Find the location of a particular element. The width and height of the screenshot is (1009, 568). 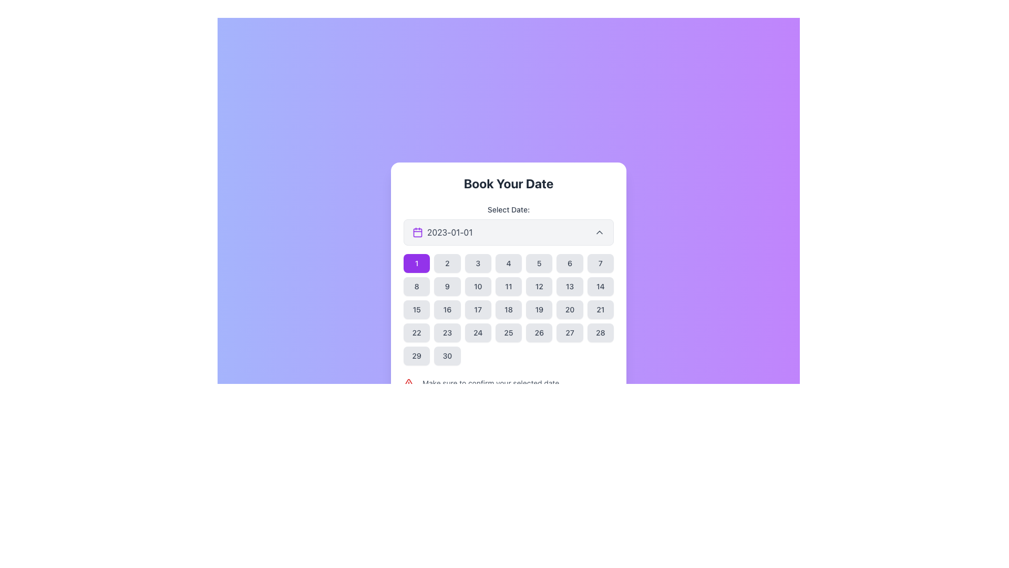

the rectangular button labeled '21' is located at coordinates (600, 309).